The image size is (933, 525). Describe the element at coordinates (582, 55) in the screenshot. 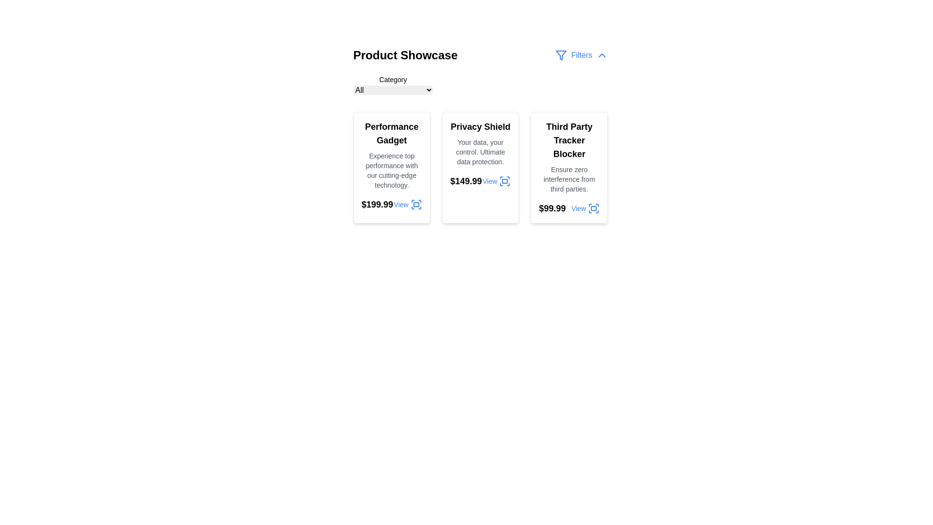

I see `the dropdown toggle button labeled 'Filters' with a blue filter icon` at that location.